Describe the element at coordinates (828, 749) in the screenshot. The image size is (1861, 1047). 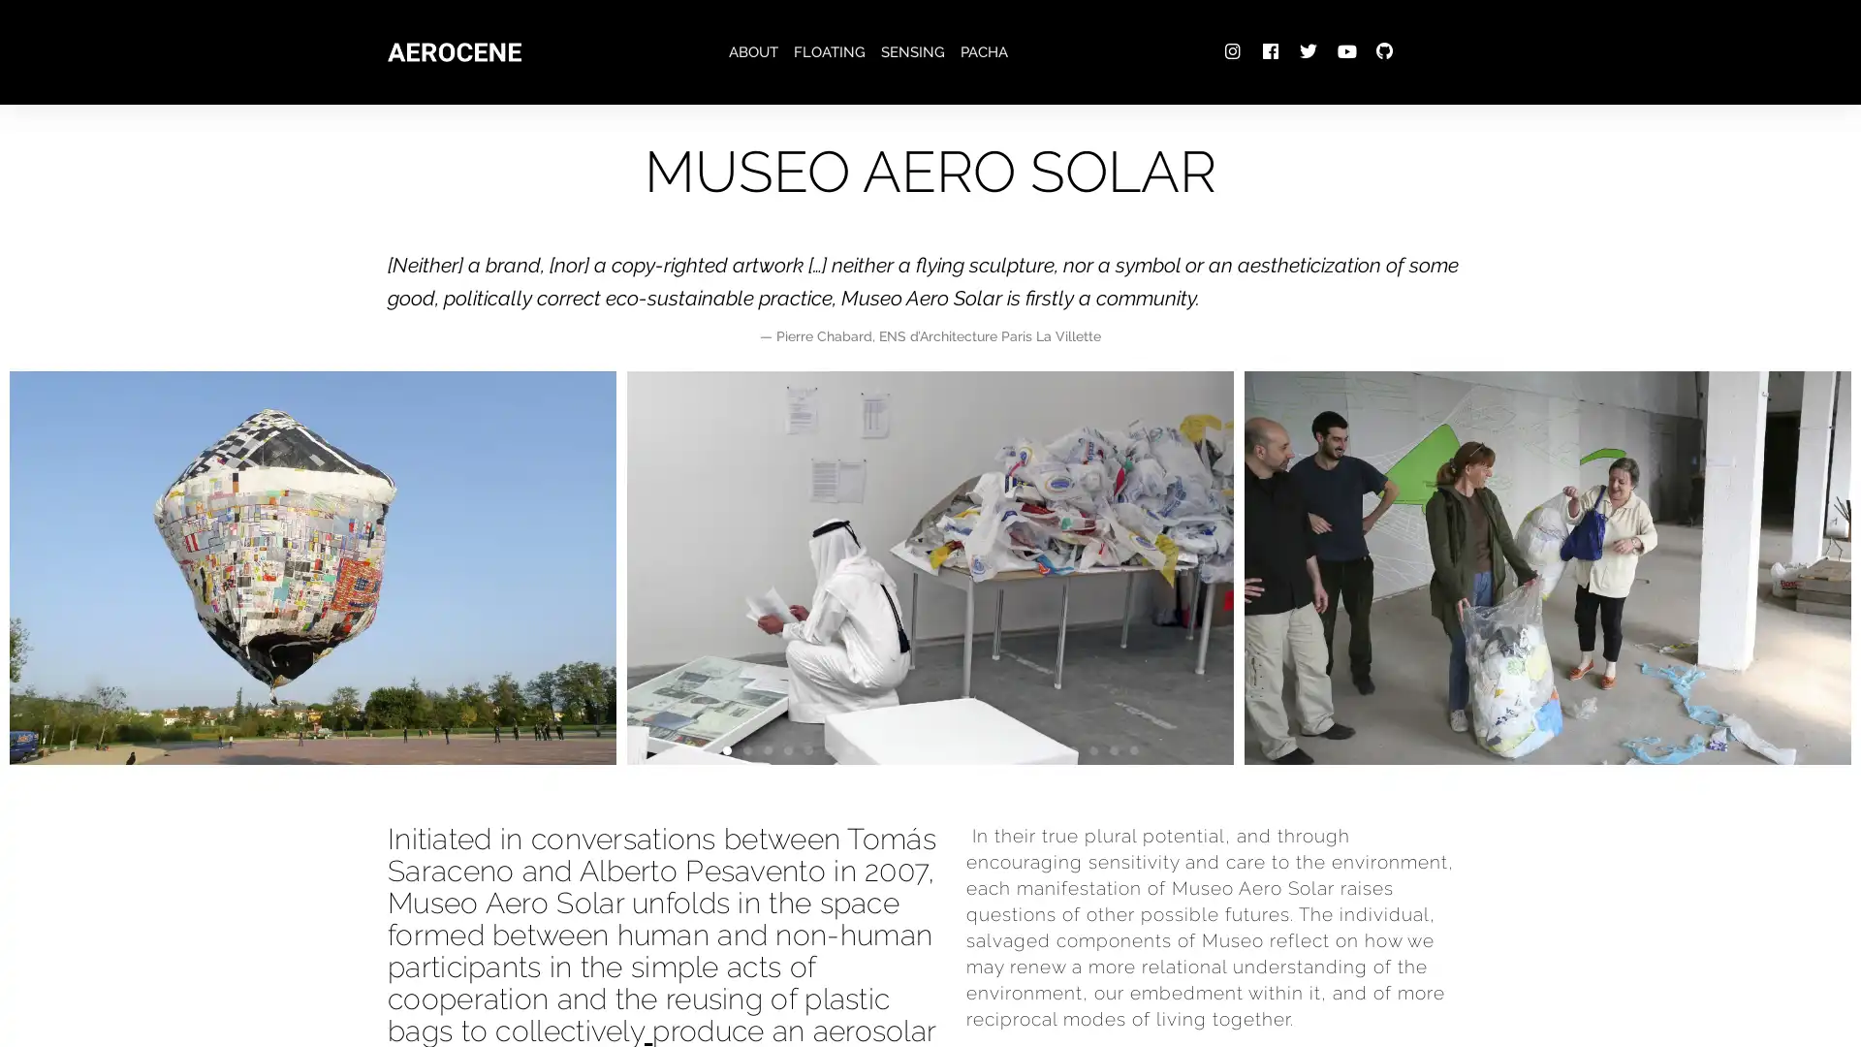
I see `Go to slide 6` at that location.